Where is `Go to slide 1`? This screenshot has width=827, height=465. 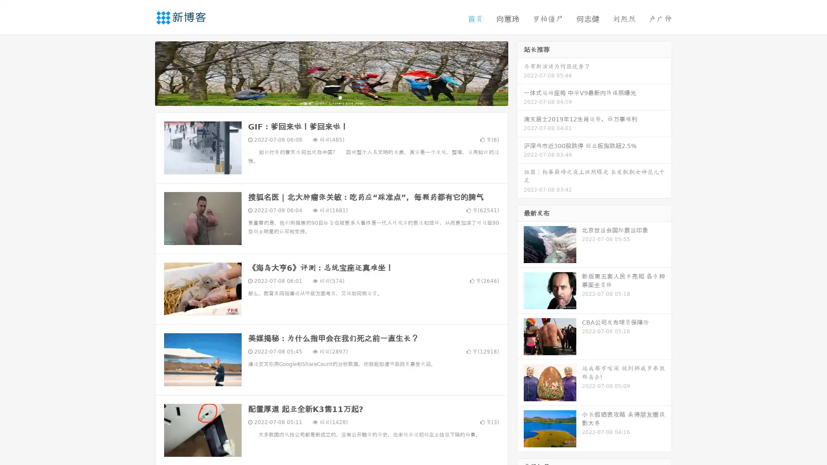
Go to slide 1 is located at coordinates (322, 97).